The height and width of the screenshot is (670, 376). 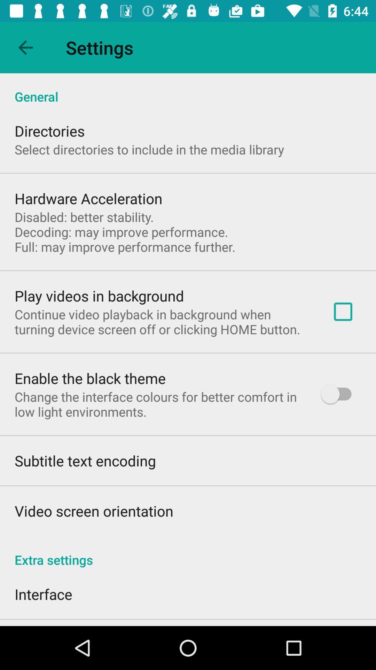 What do you see at coordinates (90, 378) in the screenshot?
I see `enable the black item` at bounding box center [90, 378].